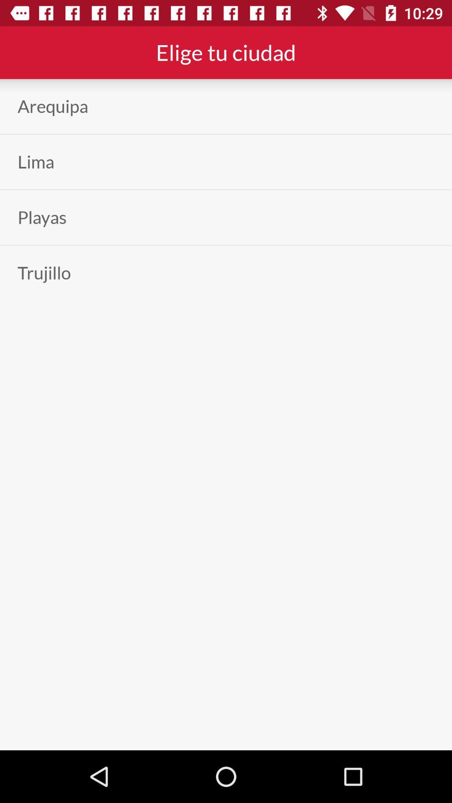 The height and width of the screenshot is (803, 452). Describe the element at coordinates (44, 273) in the screenshot. I see `app on the left` at that location.